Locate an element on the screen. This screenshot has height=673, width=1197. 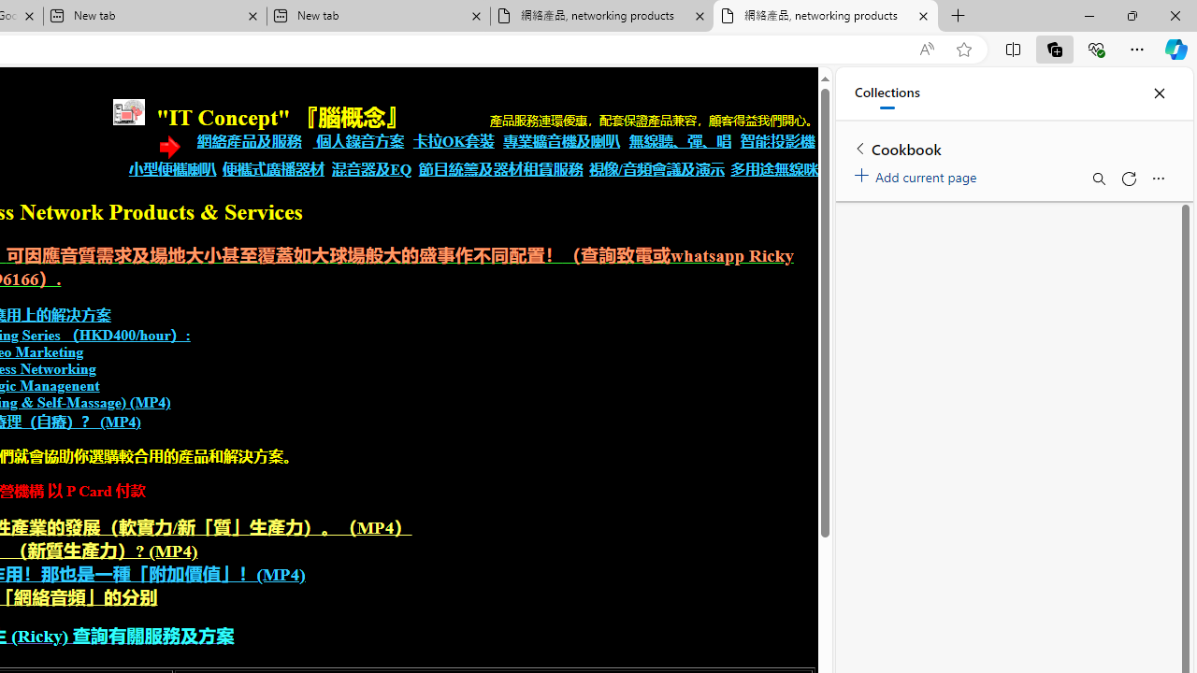
'Back to list of collections' is located at coordinates (859, 148).